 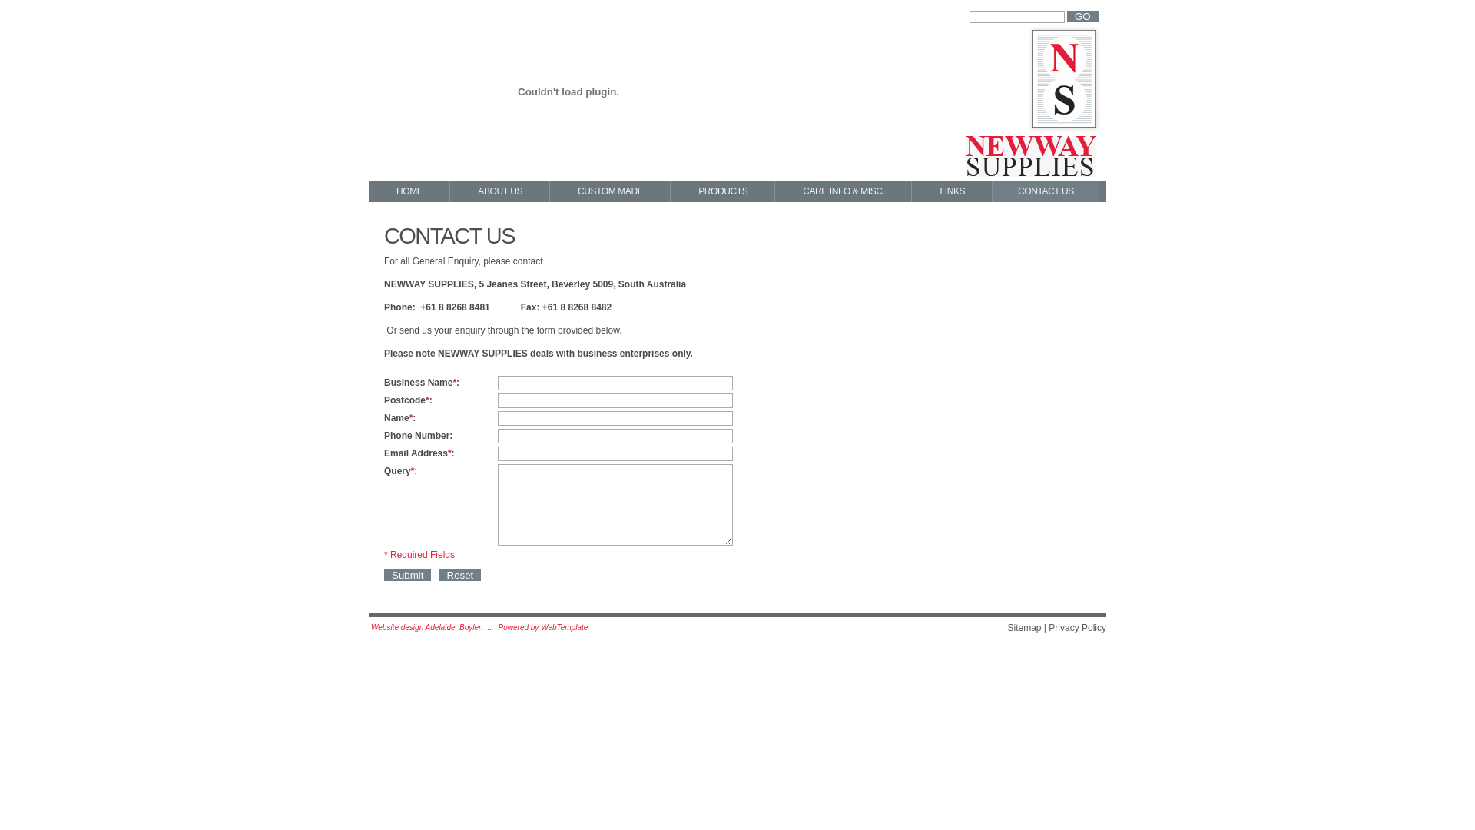 What do you see at coordinates (1032, 105) in the screenshot?
I see `'New Way Supplies'` at bounding box center [1032, 105].